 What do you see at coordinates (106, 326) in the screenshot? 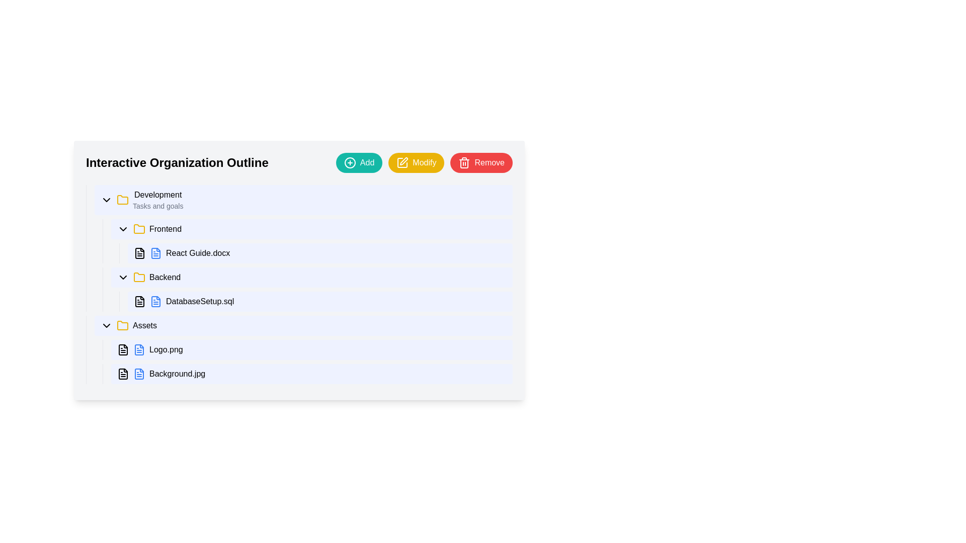
I see `the chevron icon located to the left of the 'Assets' button` at bounding box center [106, 326].